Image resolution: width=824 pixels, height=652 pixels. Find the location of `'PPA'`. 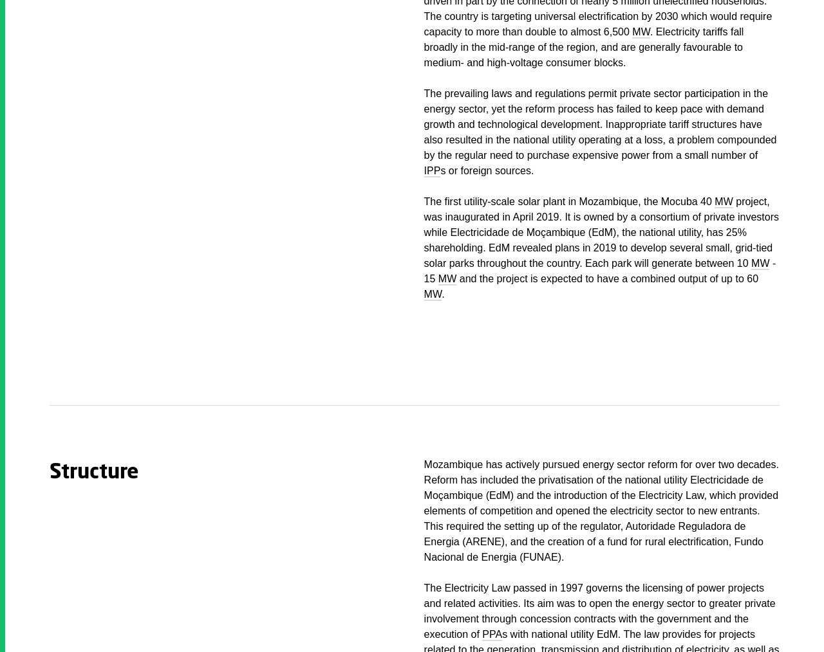

'PPA' is located at coordinates (491, 634).